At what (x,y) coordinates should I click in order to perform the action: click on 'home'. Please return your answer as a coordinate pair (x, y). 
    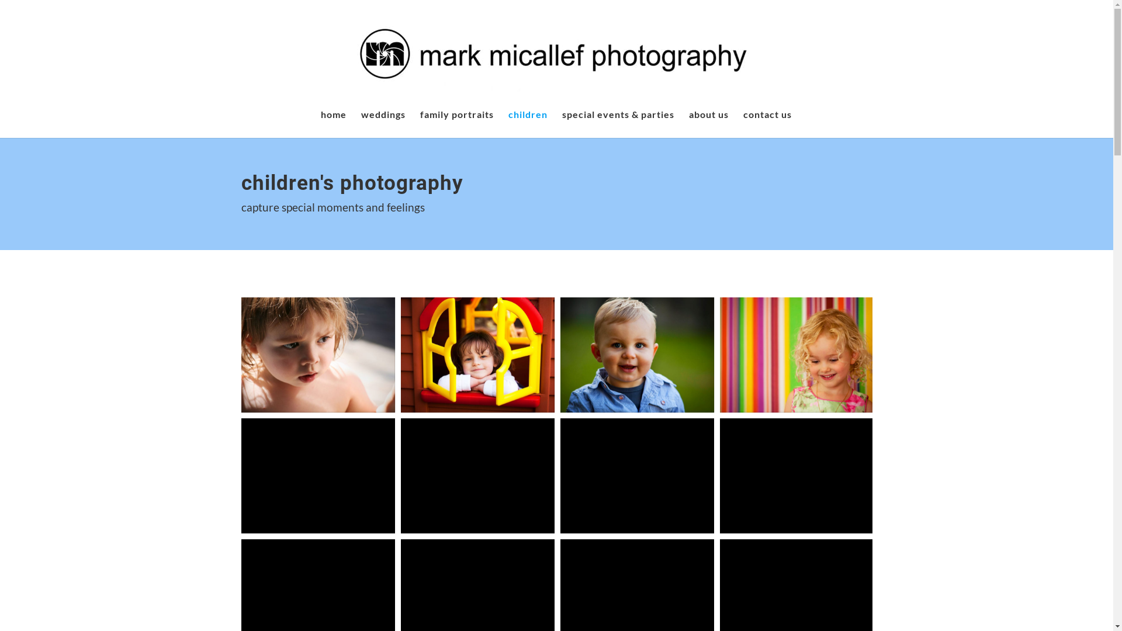
    Looking at the image, I should click on (320, 124).